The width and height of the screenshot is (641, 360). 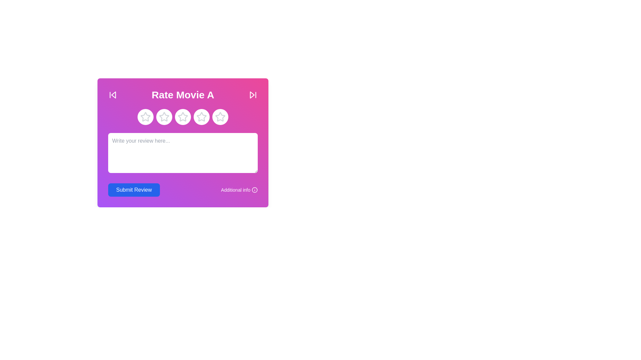 What do you see at coordinates (164, 116) in the screenshot?
I see `the second star` at bounding box center [164, 116].